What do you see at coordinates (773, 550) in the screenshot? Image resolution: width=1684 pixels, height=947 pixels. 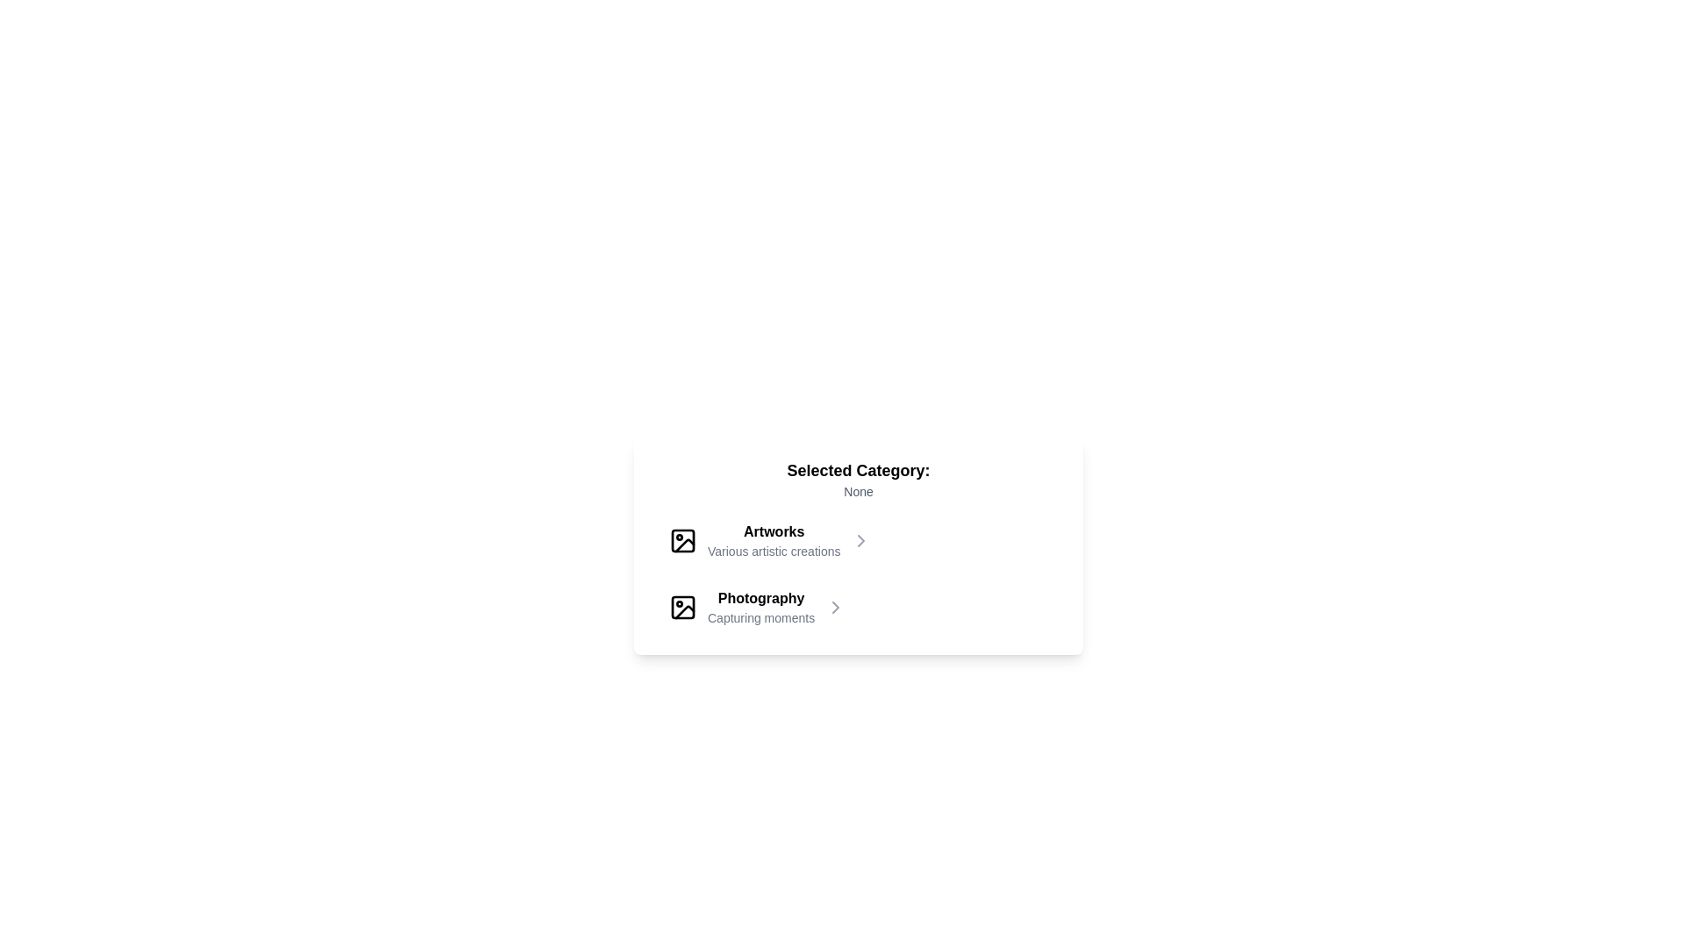 I see `text element containing the phrase 'Various artistic creations', which is styled in light gray and positioned below the bold 'Artworks' text` at bounding box center [773, 550].